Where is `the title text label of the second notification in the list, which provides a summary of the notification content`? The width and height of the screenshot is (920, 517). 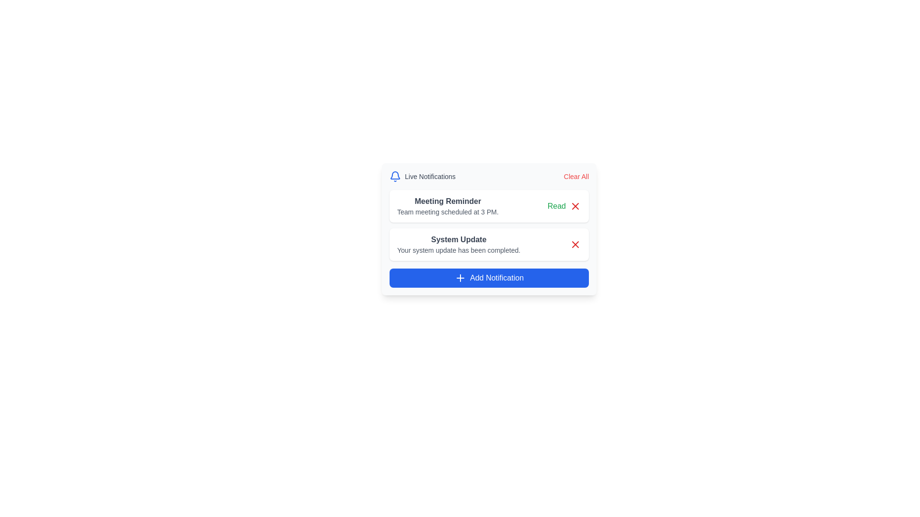
the title text label of the second notification in the list, which provides a summary of the notification content is located at coordinates (458, 239).